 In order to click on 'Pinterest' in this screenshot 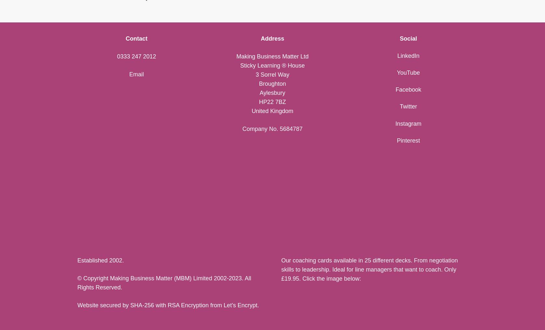, I will do `click(408, 140)`.